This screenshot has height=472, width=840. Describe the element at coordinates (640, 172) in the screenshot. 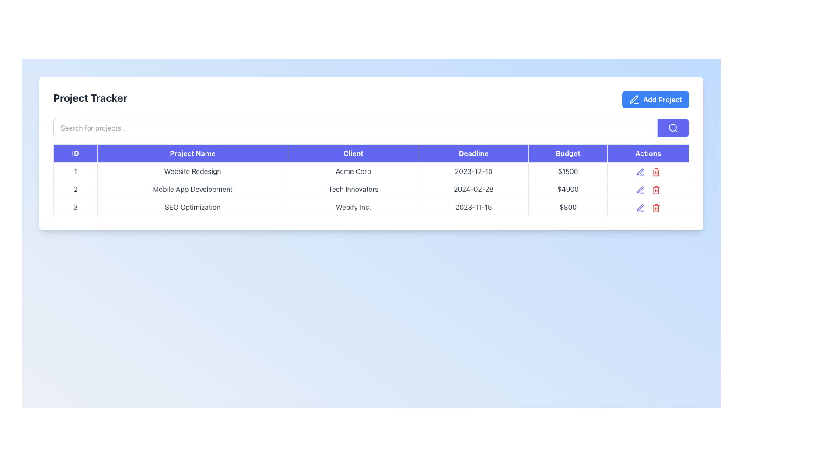

I see `the small blue pencil icon located in the upper-right corner of the interface within the 'Actions' column of the project tracker table to initiate an edit` at that location.